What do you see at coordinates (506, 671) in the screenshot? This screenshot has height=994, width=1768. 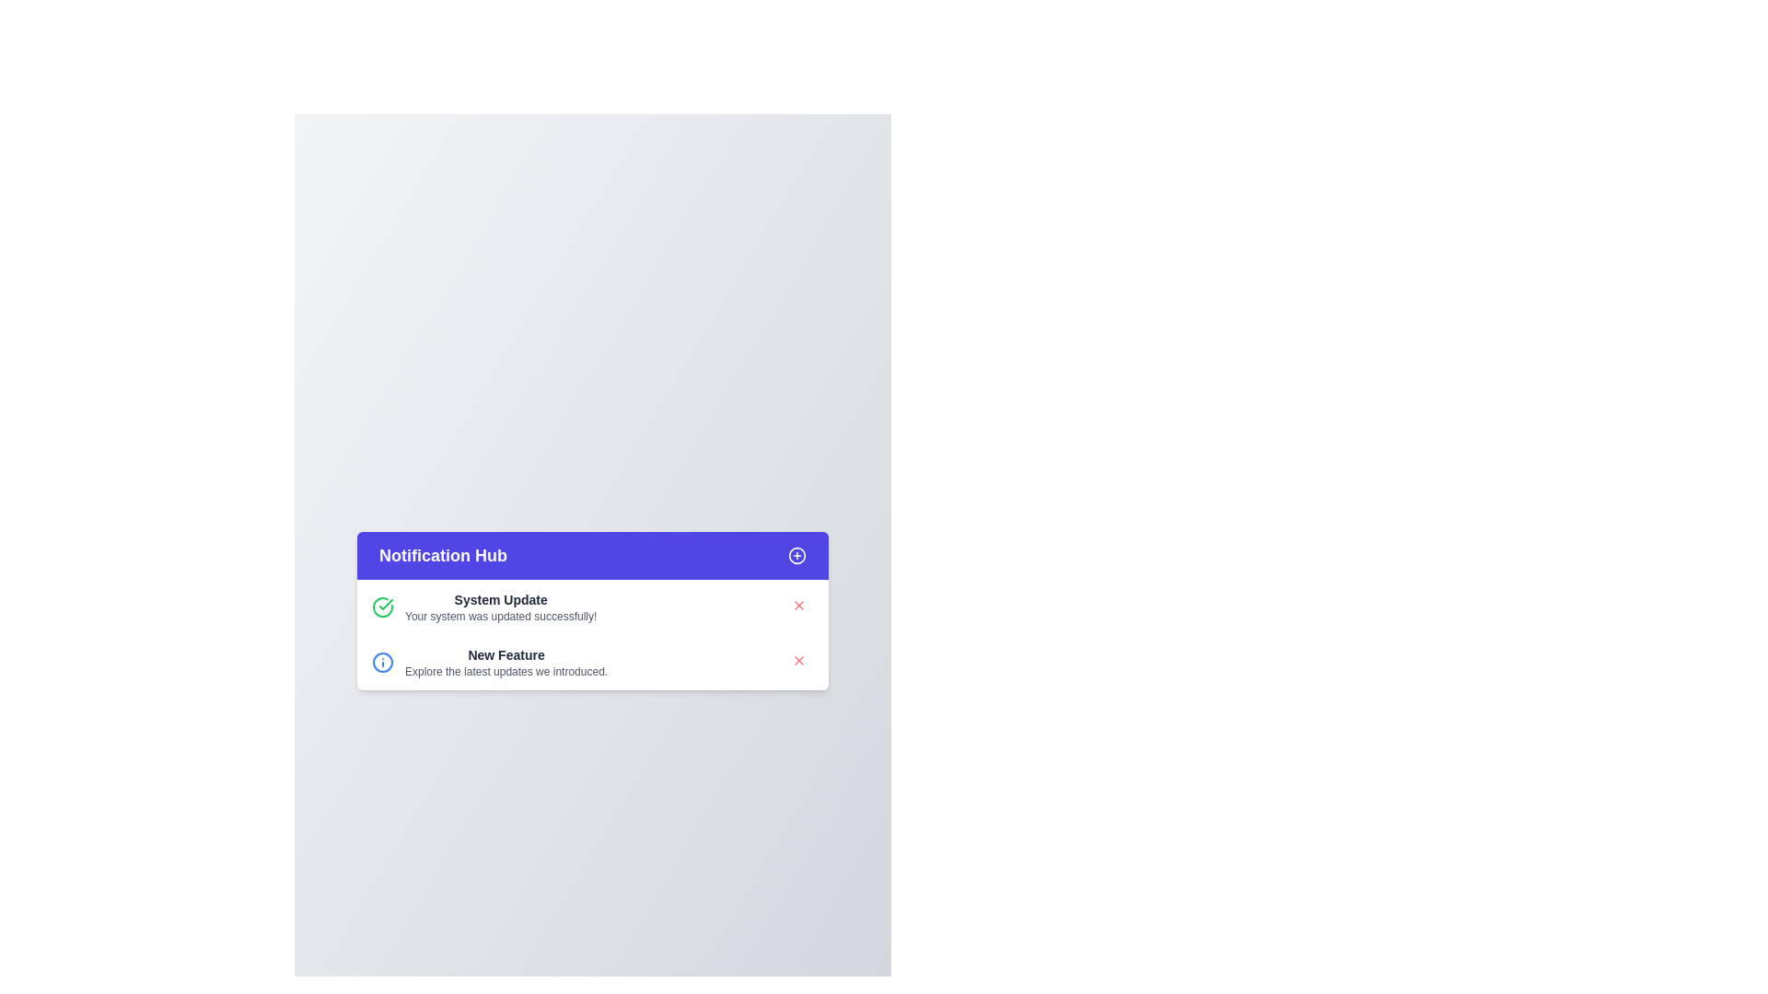 I see `the descriptive text label for the 'New Feature' notification, which is located in the lower section of the notification card, aligned to the left` at bounding box center [506, 671].